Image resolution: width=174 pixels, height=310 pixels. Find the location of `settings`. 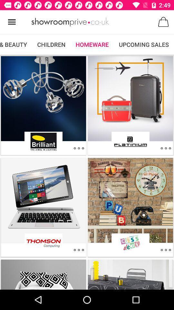

settings is located at coordinates (79, 148).